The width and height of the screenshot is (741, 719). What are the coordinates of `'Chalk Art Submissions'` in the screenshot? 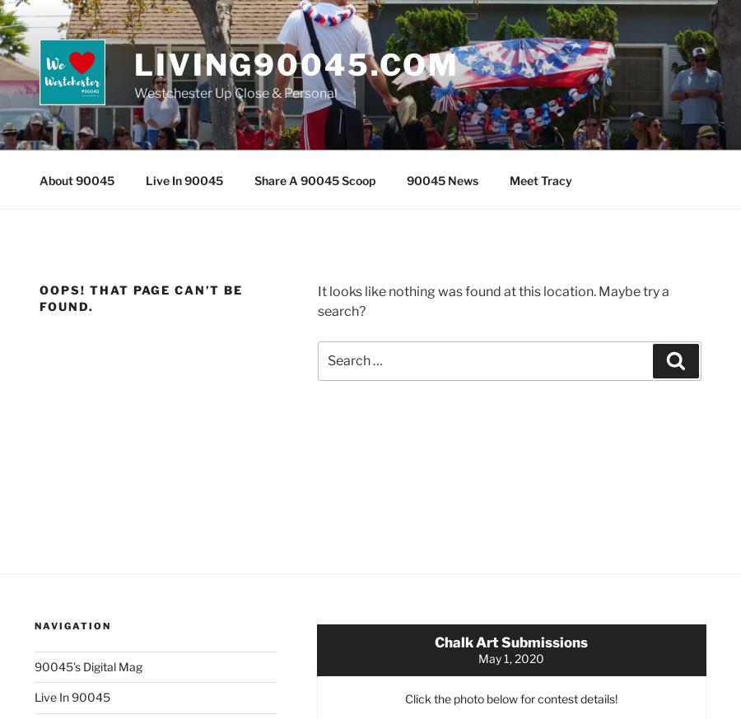 It's located at (434, 640).